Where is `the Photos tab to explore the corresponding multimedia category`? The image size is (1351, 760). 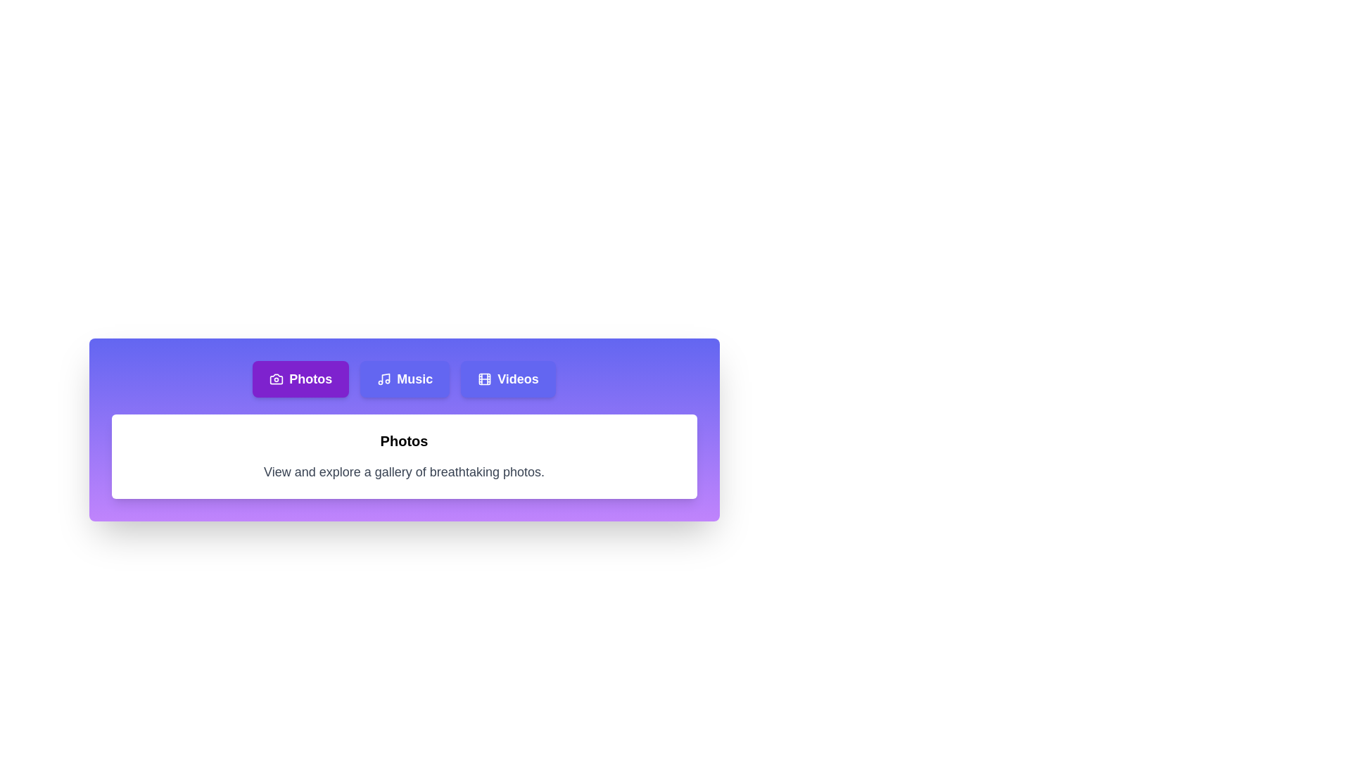
the Photos tab to explore the corresponding multimedia category is located at coordinates (300, 379).